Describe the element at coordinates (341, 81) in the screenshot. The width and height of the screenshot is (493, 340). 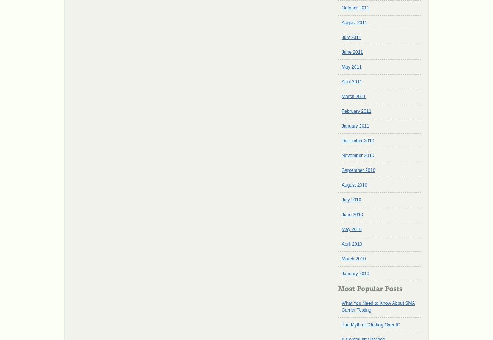
I see `'April 2011'` at that location.